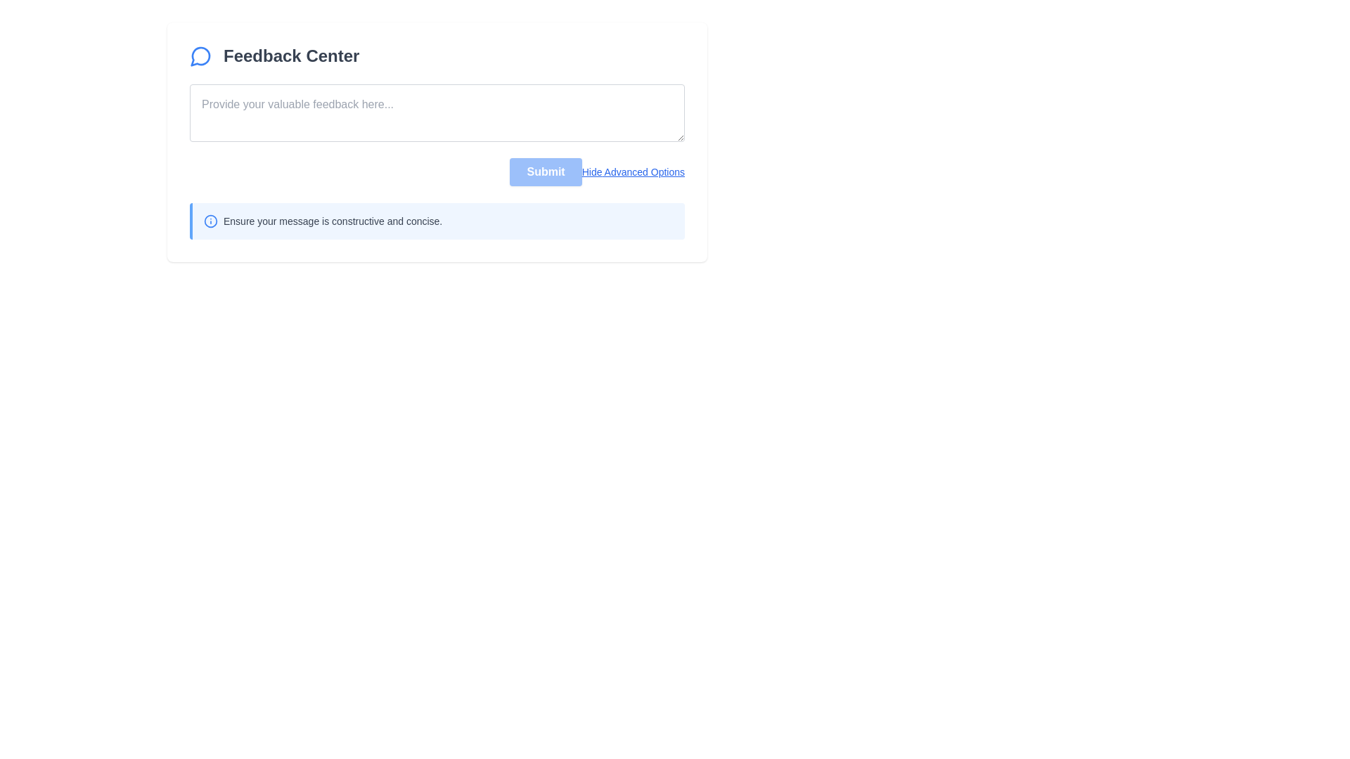  What do you see at coordinates (210, 221) in the screenshot?
I see `the circular shape that visually signifies or highlights an information-related icon, positioned slightly to the left of the text 'Ensure your message is constructive and concise.'` at bounding box center [210, 221].